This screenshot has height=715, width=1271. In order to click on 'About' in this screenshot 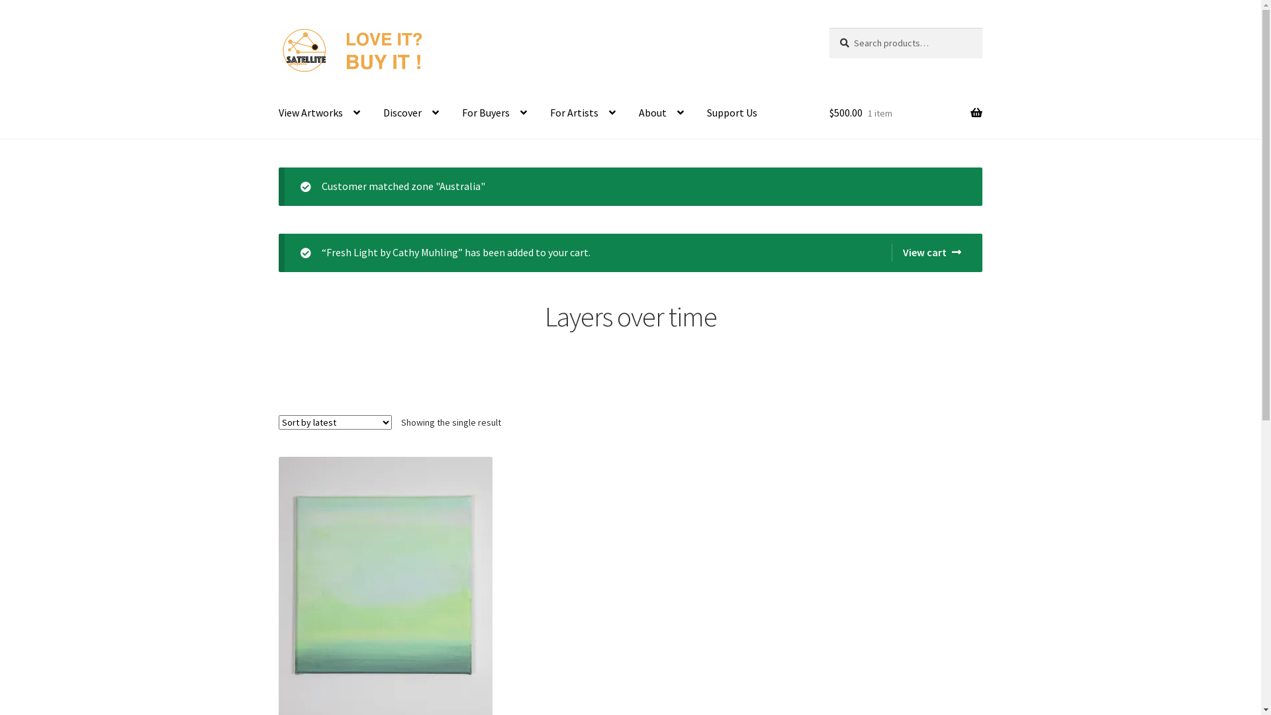, I will do `click(628, 113)`.